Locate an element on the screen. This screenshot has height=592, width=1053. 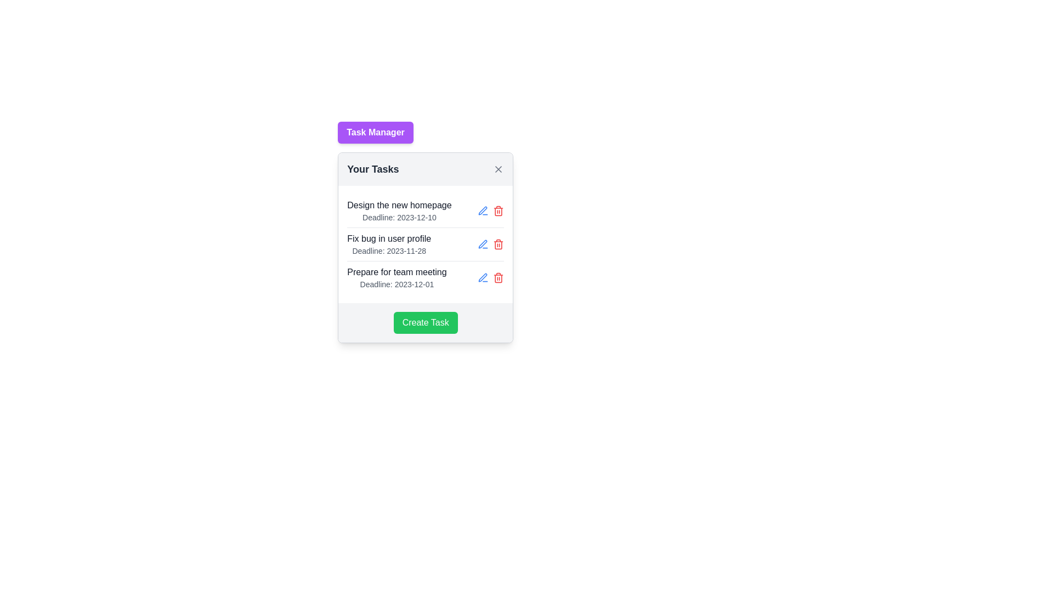
the informative text label displaying the due date for the task 'Fix bug in user profile', which is located in the center column of the task list interface is located at coordinates (389, 251).